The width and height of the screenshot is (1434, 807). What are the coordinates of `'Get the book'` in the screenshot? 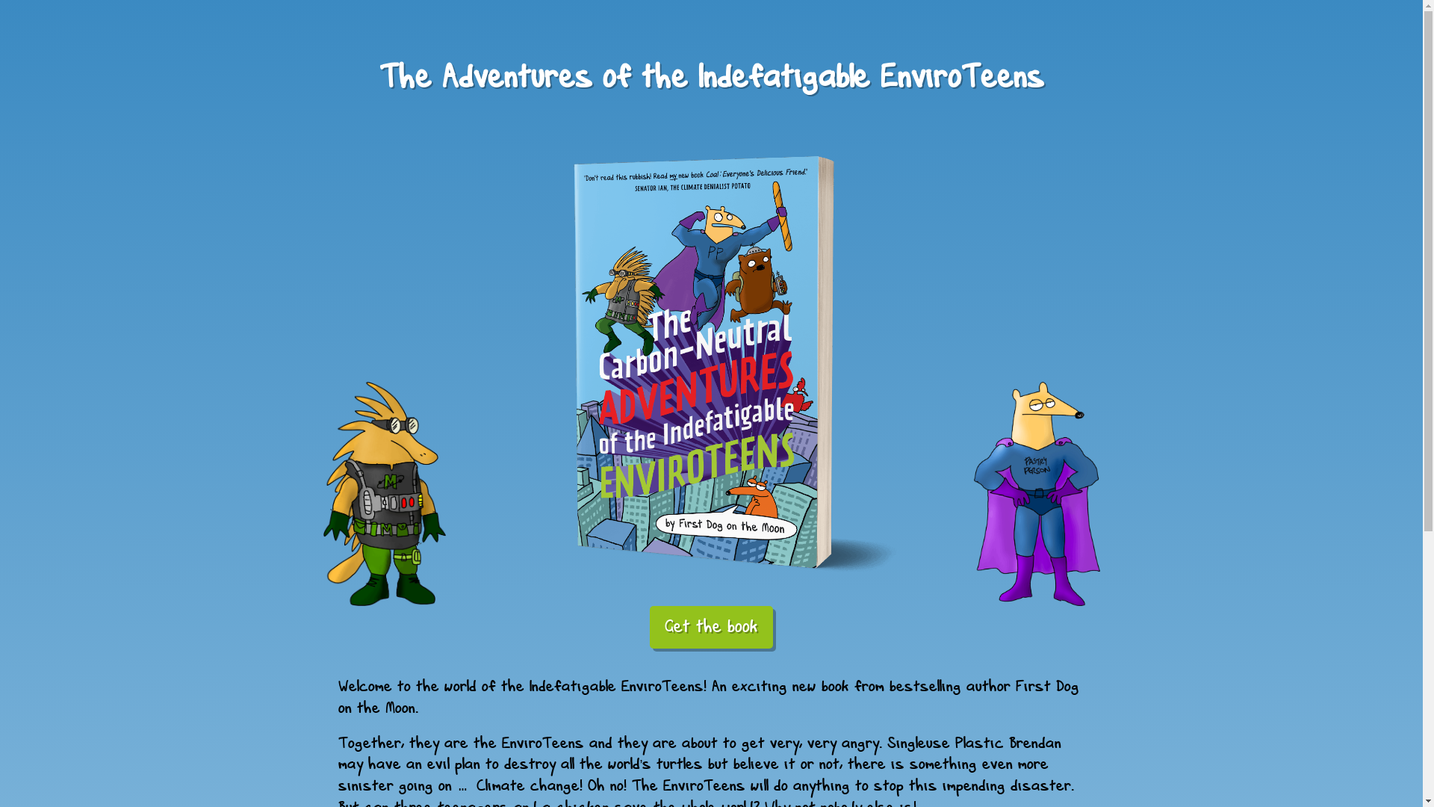 It's located at (710, 627).